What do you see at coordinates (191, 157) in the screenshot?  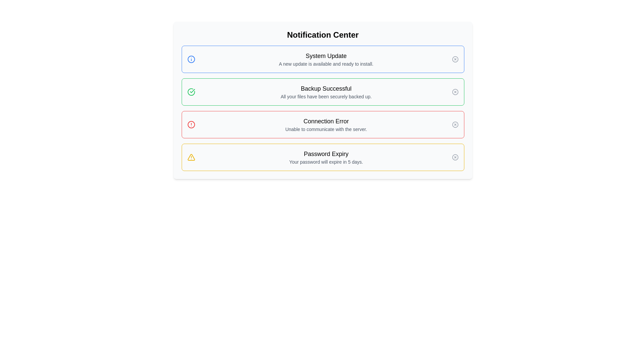 I see `the triangular yellow warning icon with an exclamation mark located in the last notification block of the Notification Center, beside the 'Password Expiry' message` at bounding box center [191, 157].